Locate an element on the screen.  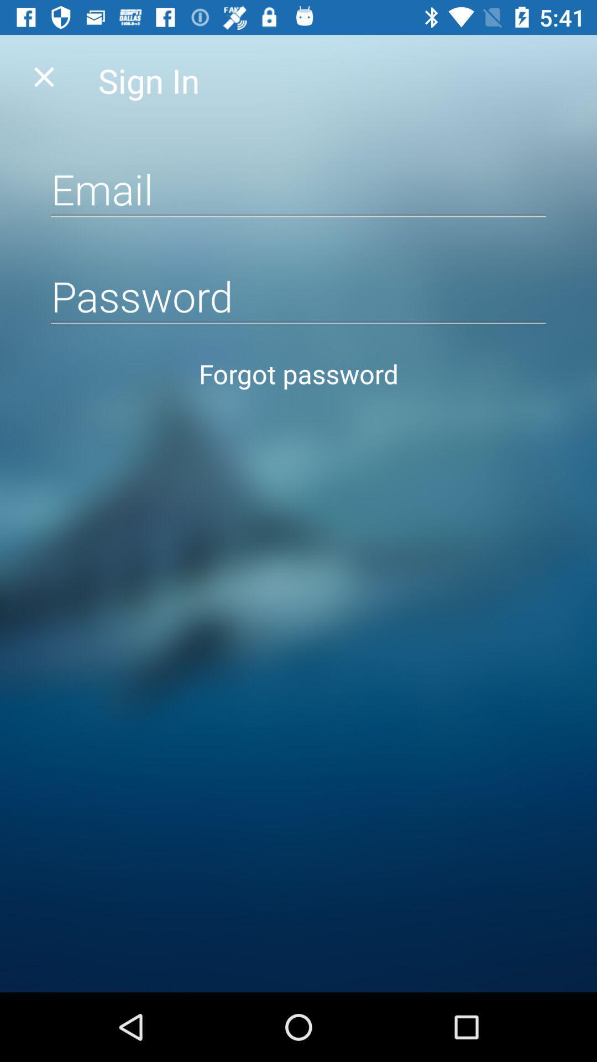
type password is located at coordinates (298, 296).